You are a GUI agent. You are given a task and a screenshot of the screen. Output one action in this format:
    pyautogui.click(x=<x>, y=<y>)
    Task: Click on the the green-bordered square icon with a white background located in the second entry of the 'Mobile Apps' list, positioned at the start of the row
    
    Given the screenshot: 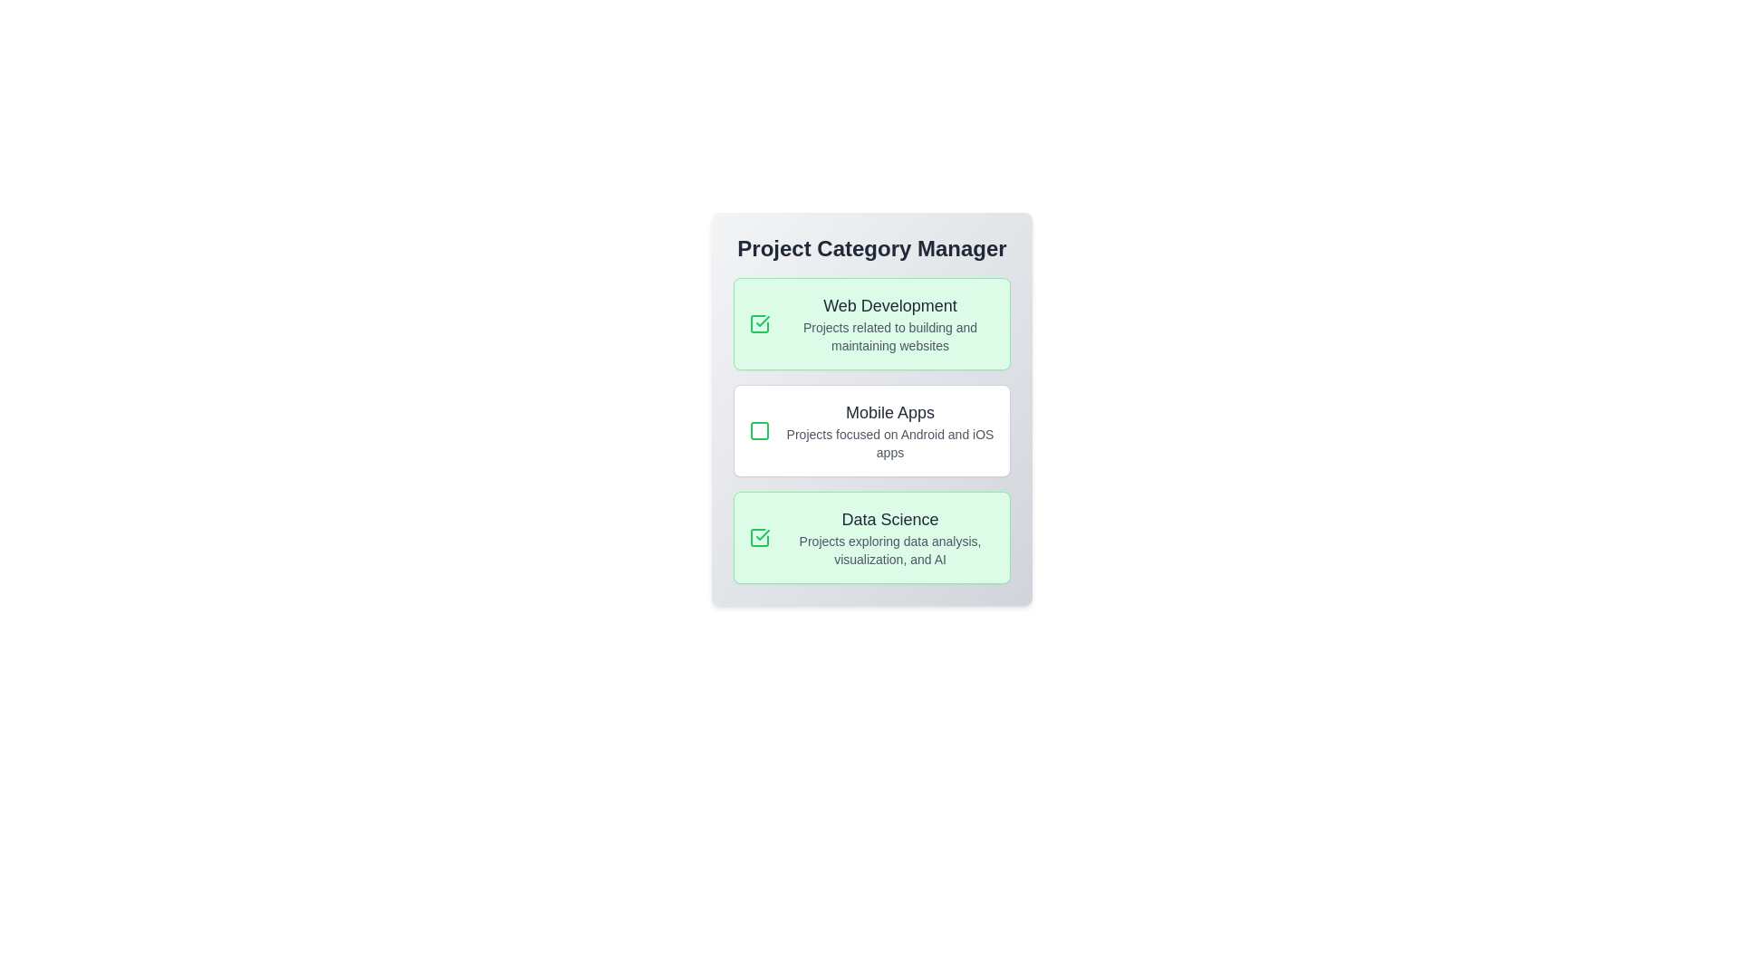 What is the action you would take?
    pyautogui.click(x=760, y=430)
    